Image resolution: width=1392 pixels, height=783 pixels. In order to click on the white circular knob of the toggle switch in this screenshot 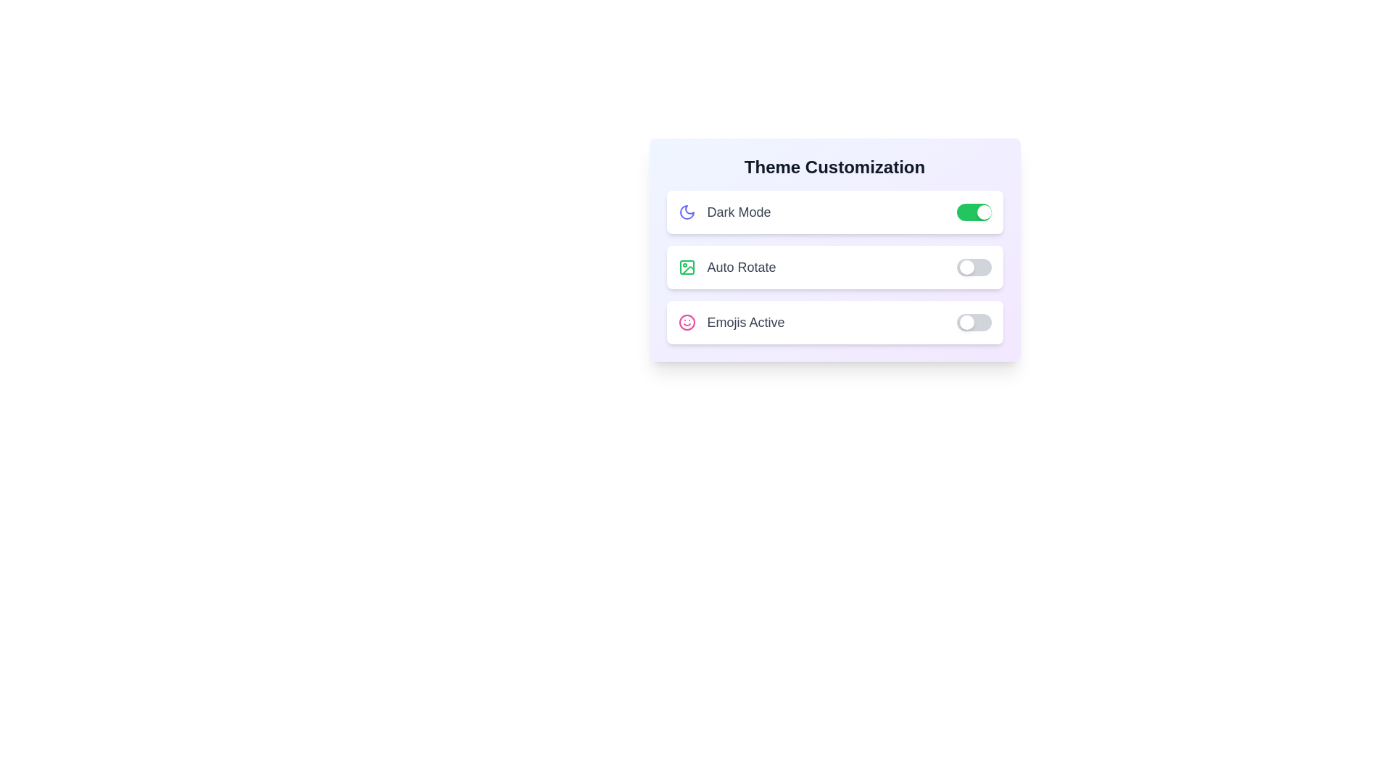, I will do `click(974, 321)`.